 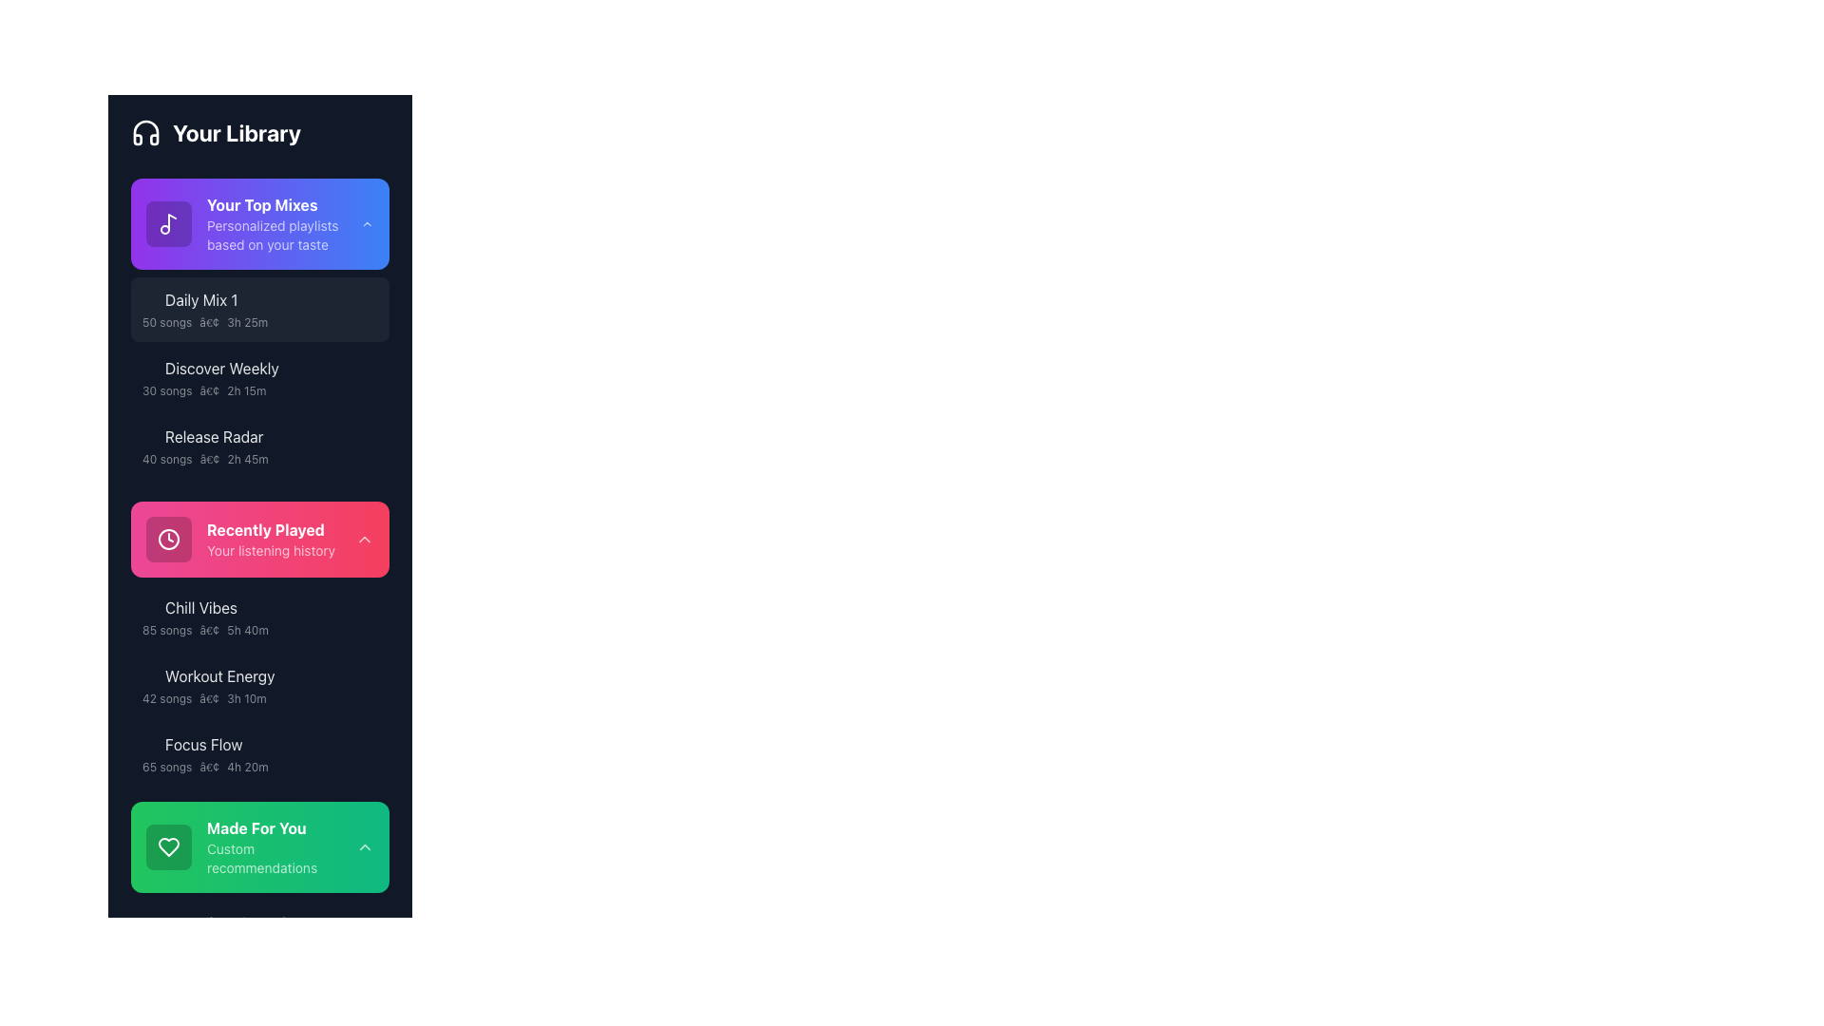 What do you see at coordinates (250, 446) in the screenshot?
I see `the 'Release Radar' clickable link or playlist card located in the left-hand navigation pane, positioned between 'Discover Weekly' and 'Recently Played', to possibly reveal additional options or details` at bounding box center [250, 446].